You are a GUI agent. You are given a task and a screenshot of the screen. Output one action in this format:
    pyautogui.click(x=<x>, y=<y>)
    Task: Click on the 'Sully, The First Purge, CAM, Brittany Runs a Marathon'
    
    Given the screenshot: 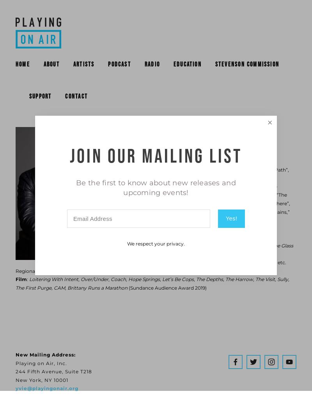 What is the action you would take?
    pyautogui.click(x=152, y=283)
    